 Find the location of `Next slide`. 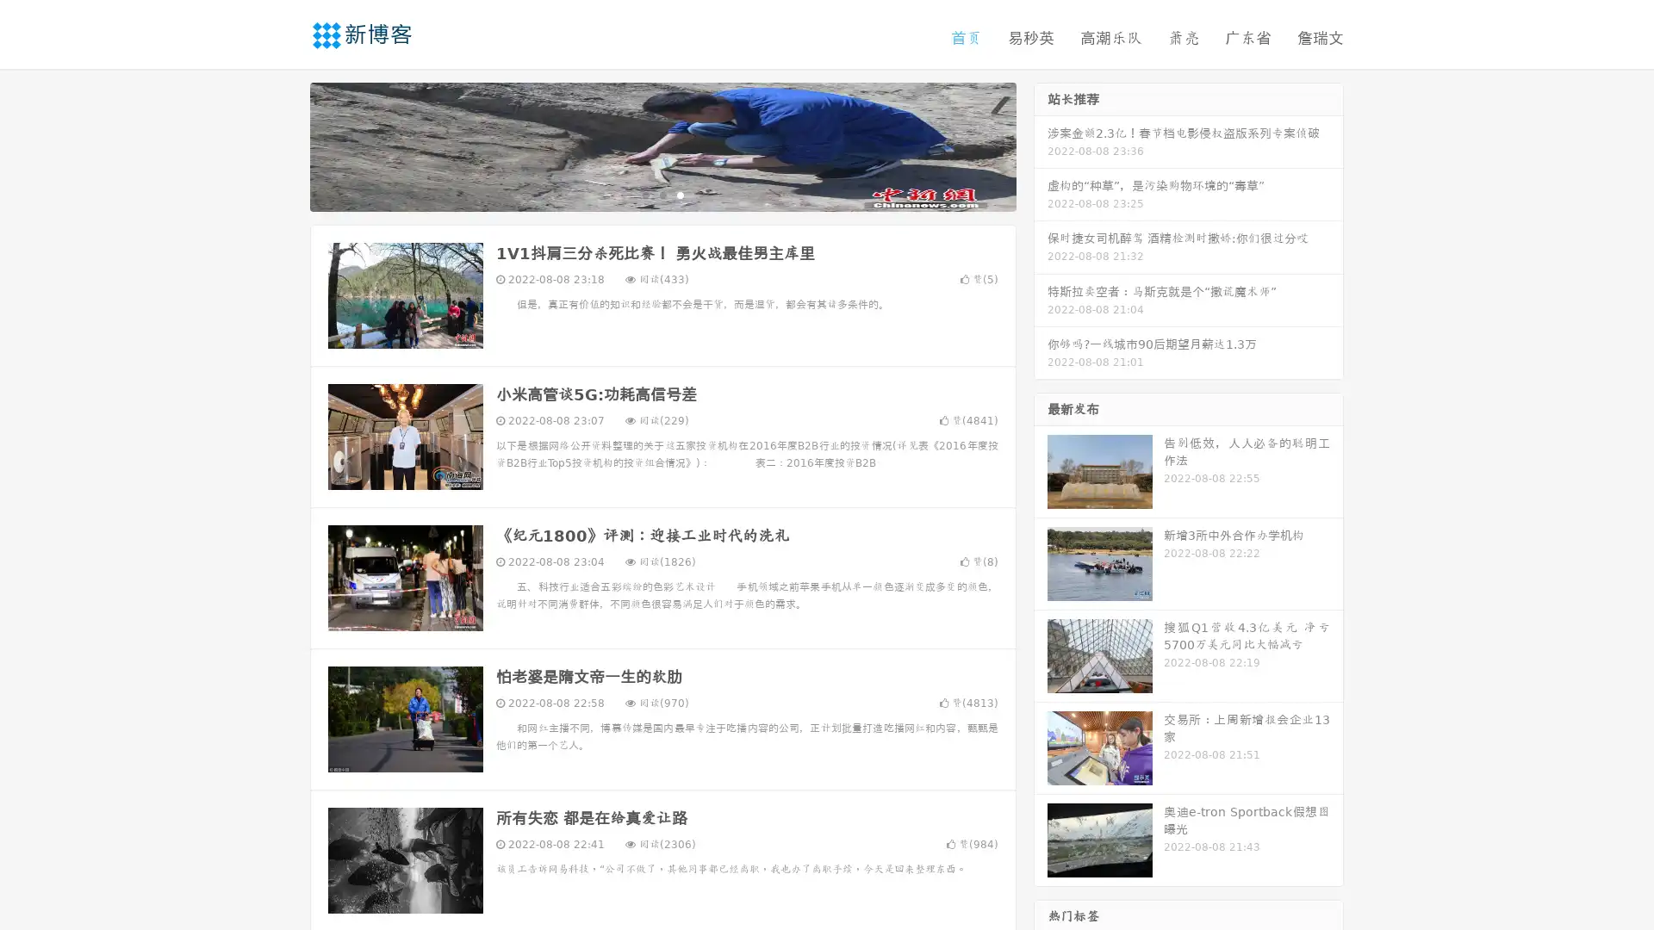

Next slide is located at coordinates (1041, 145).